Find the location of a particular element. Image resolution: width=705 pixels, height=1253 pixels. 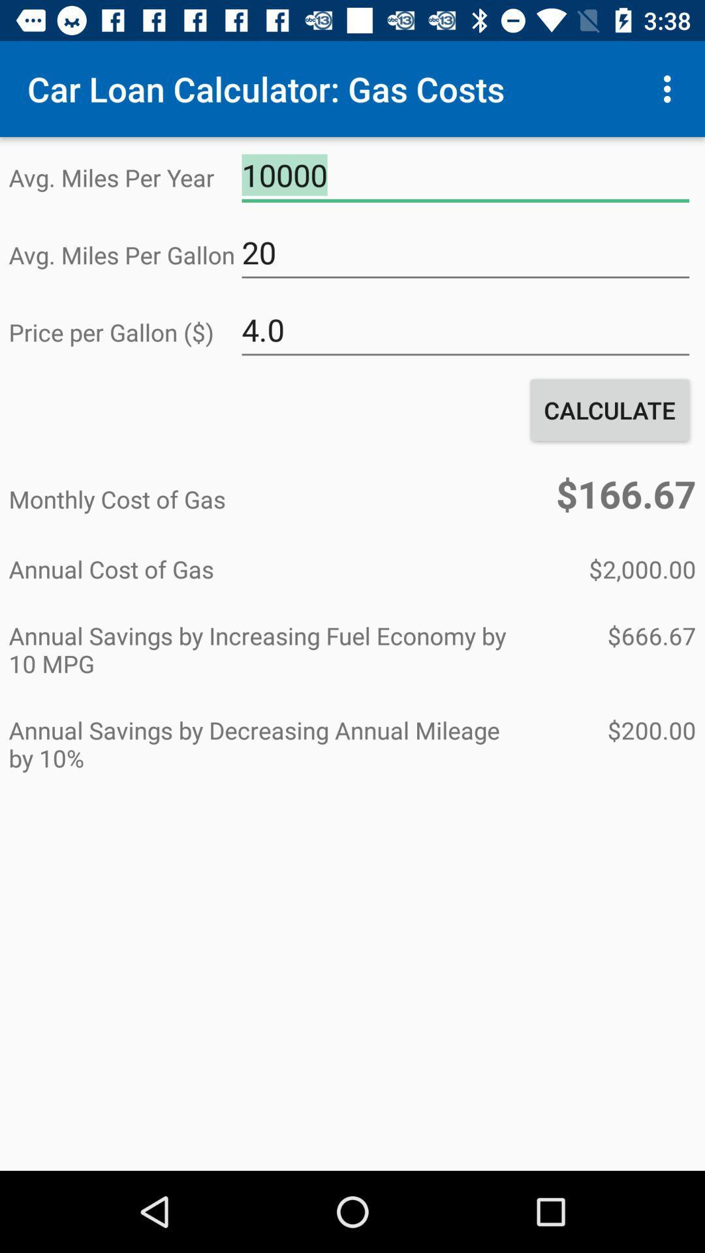

the item above 20 is located at coordinates (465, 175).